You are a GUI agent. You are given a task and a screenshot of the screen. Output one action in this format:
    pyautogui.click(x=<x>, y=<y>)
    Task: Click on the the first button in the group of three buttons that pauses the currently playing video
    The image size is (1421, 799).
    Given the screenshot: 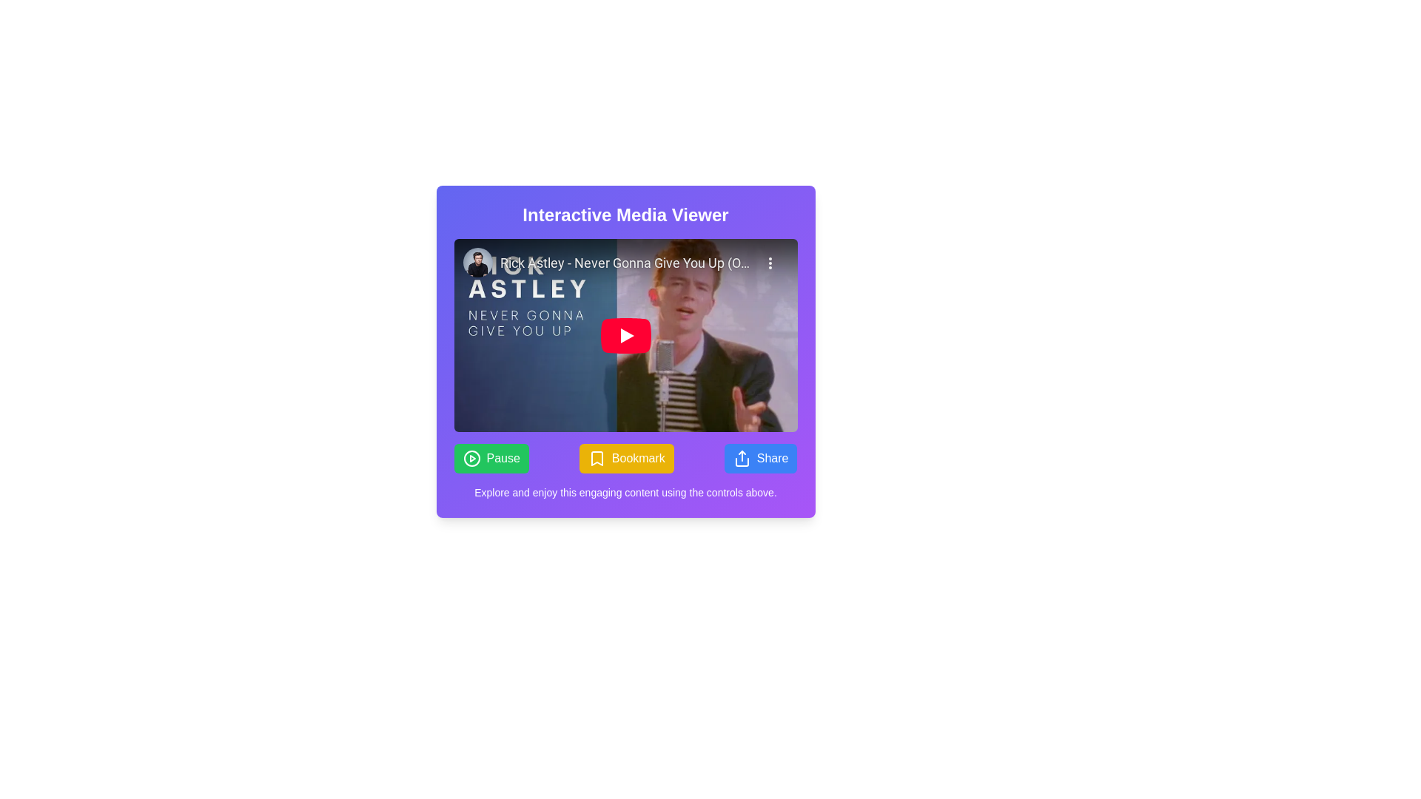 What is the action you would take?
    pyautogui.click(x=491, y=458)
    